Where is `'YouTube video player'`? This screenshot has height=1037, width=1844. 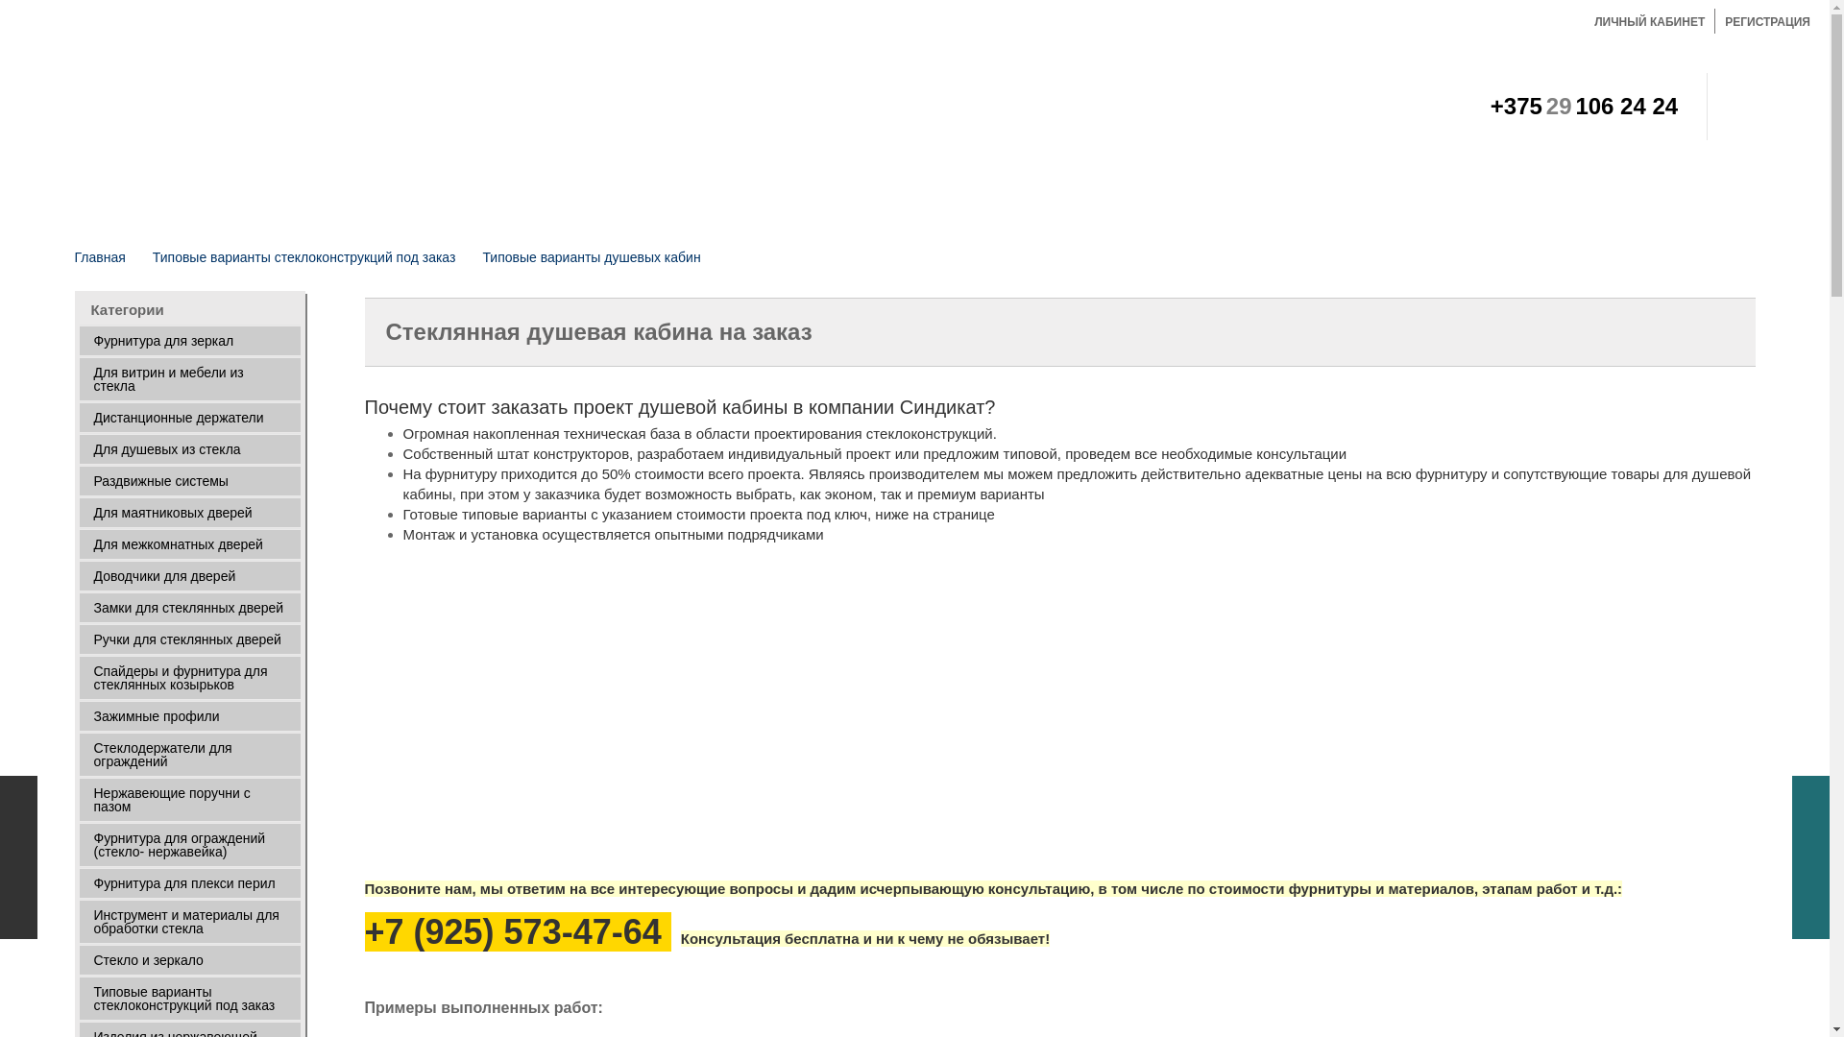 'YouTube video player' is located at coordinates (1170, 711).